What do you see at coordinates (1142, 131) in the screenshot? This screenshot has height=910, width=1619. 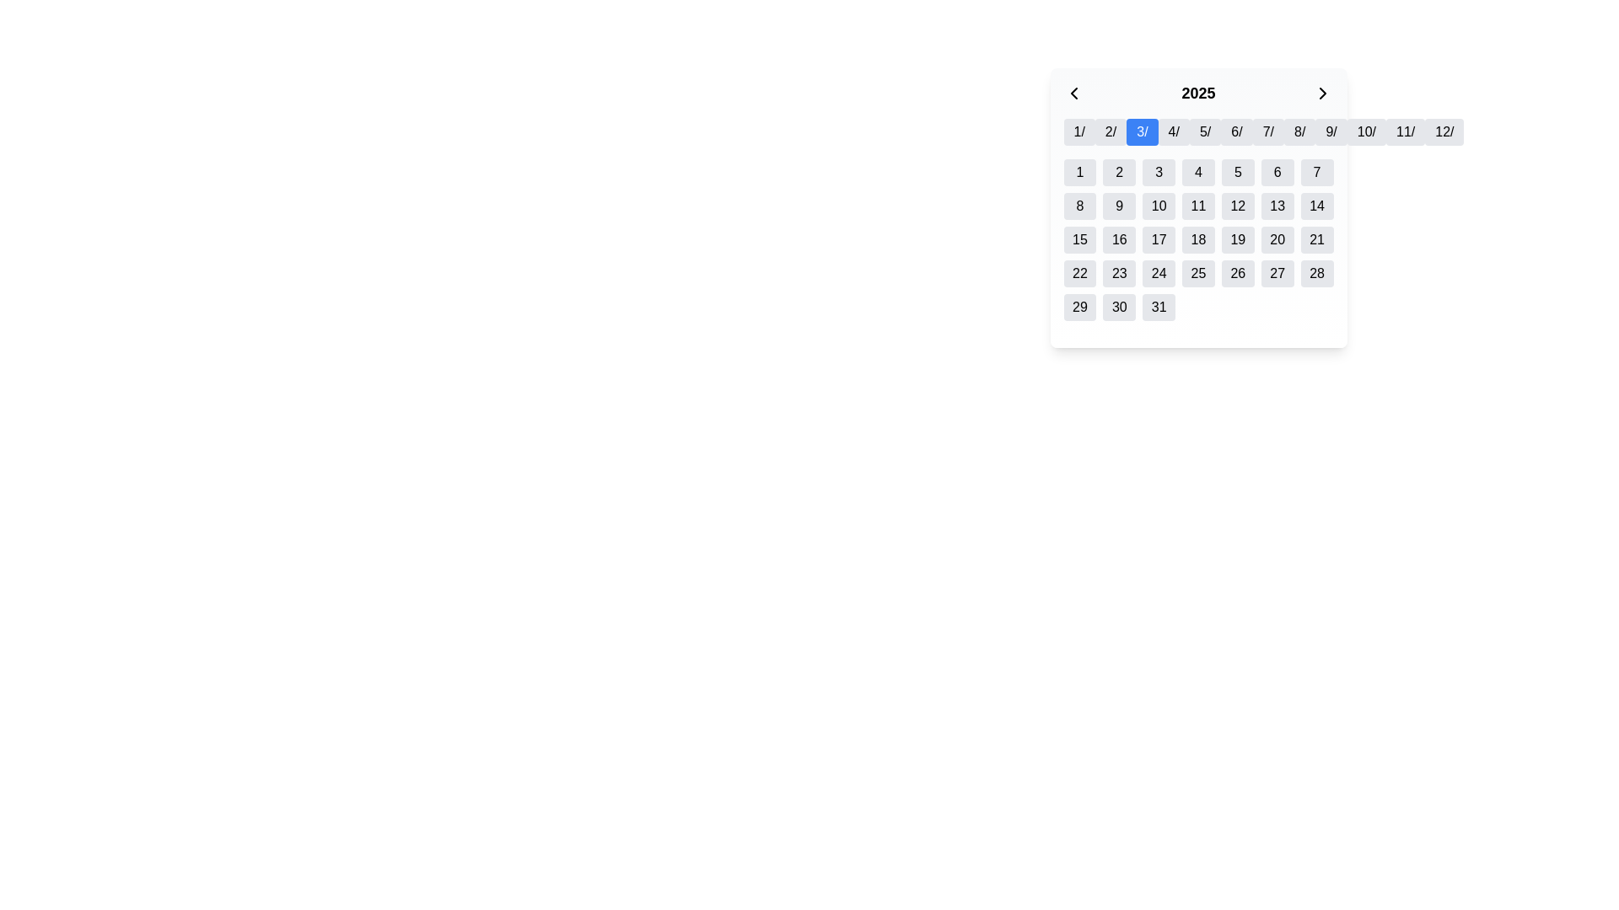 I see `the blue button with white text '3/'` at bounding box center [1142, 131].